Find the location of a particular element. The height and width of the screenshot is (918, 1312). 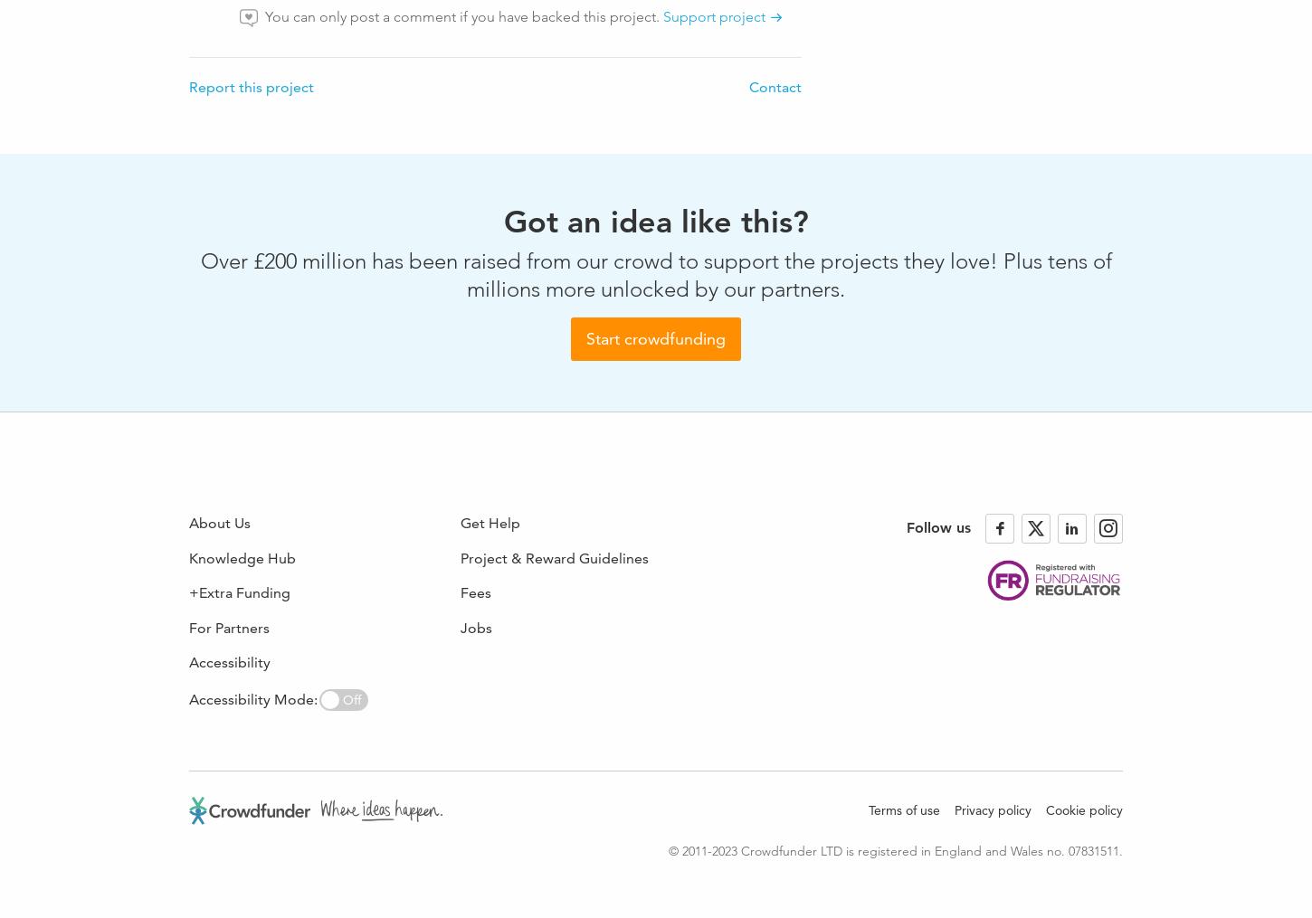

'Project & Reward Guidelines' is located at coordinates (554, 556).